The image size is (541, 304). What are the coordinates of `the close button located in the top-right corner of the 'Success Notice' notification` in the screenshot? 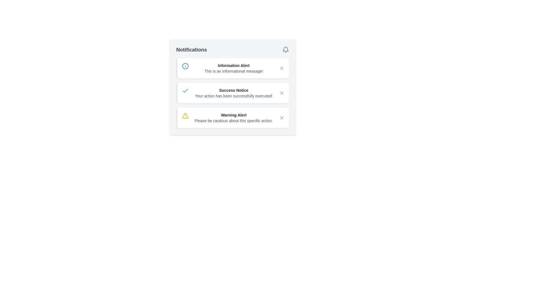 It's located at (281, 93).